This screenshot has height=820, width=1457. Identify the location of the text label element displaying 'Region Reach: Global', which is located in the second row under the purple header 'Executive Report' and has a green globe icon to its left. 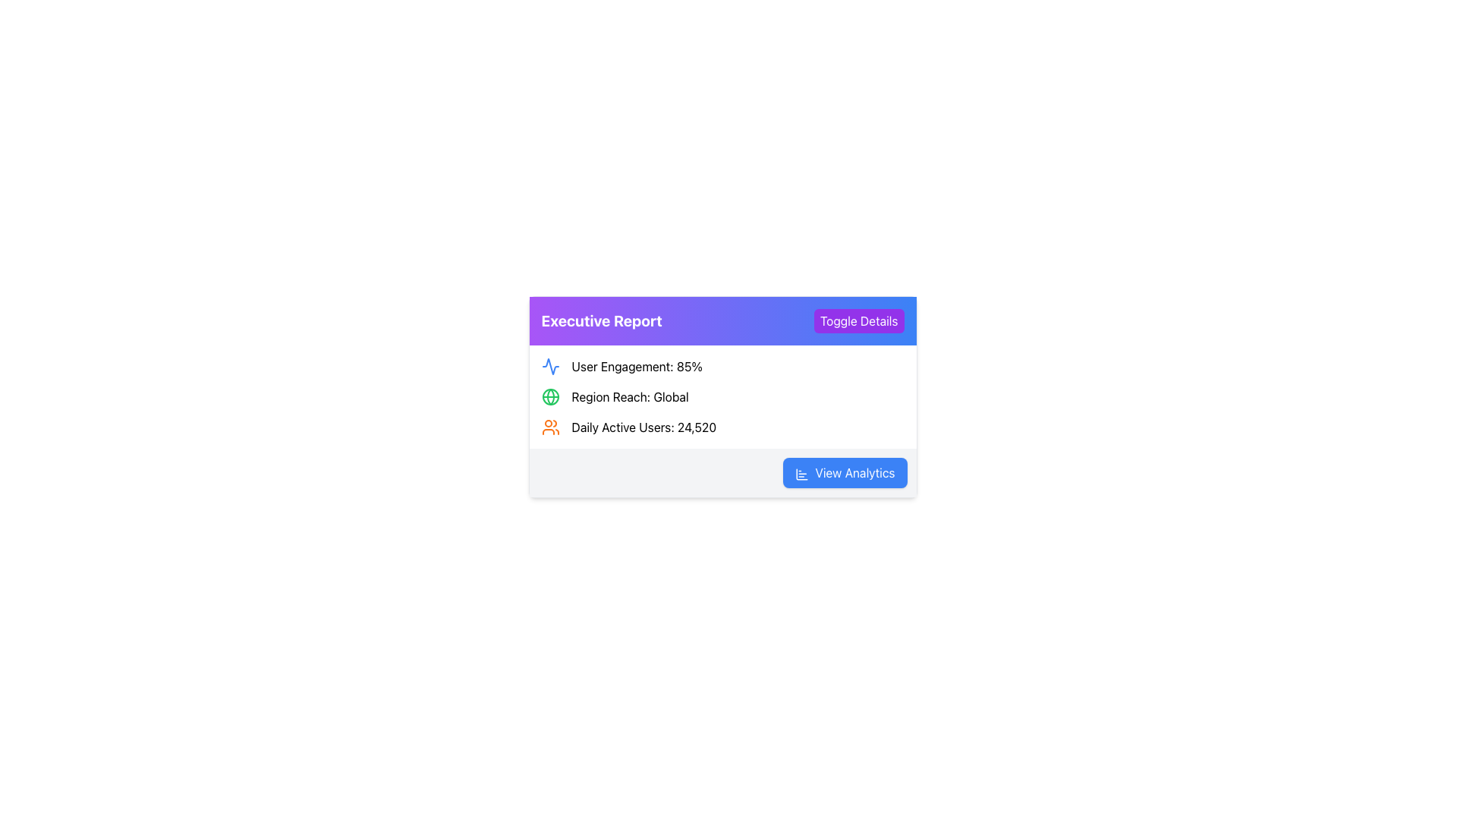
(630, 396).